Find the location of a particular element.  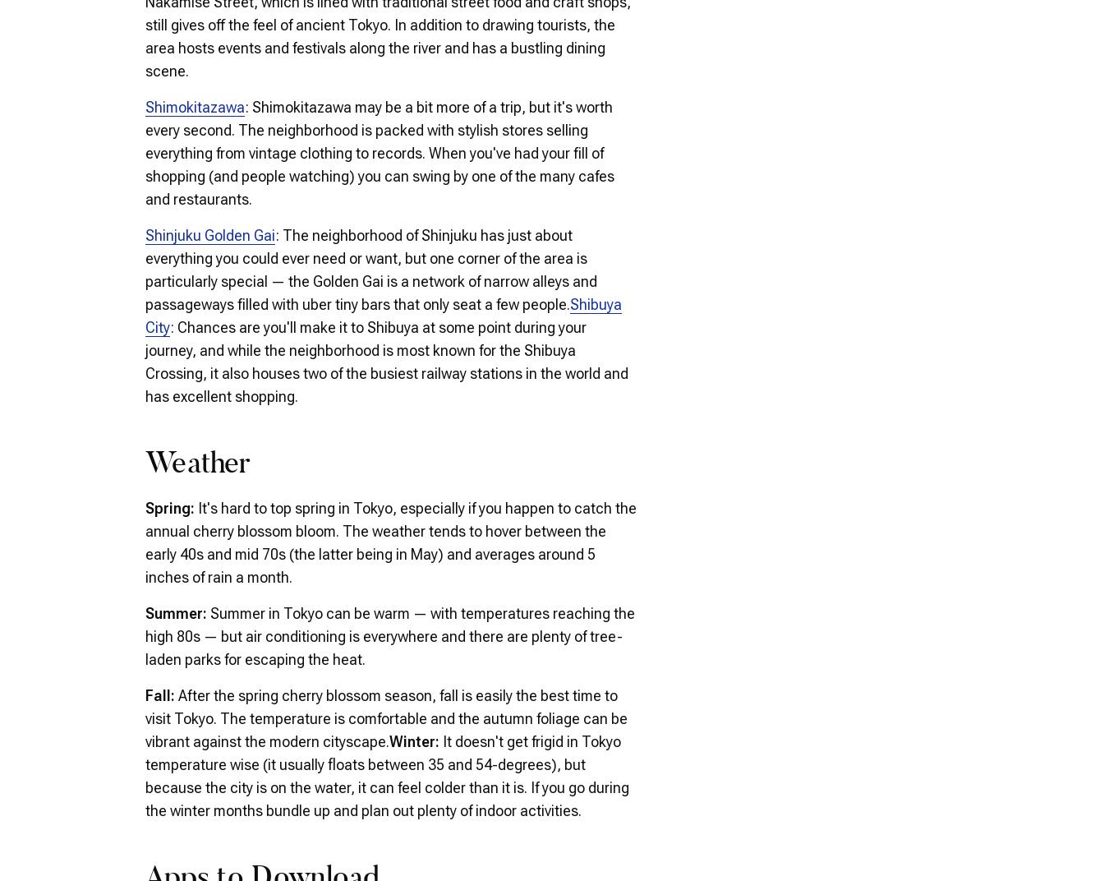

'It doesn't get frigid in Tokyo temperature wise (it usually floats between 35 and 54-degrees), but because the city is on the water, it can feel colder than it is. If you go during the winter months bundle up and plan out plenty of indoor activities.' is located at coordinates (386, 774).